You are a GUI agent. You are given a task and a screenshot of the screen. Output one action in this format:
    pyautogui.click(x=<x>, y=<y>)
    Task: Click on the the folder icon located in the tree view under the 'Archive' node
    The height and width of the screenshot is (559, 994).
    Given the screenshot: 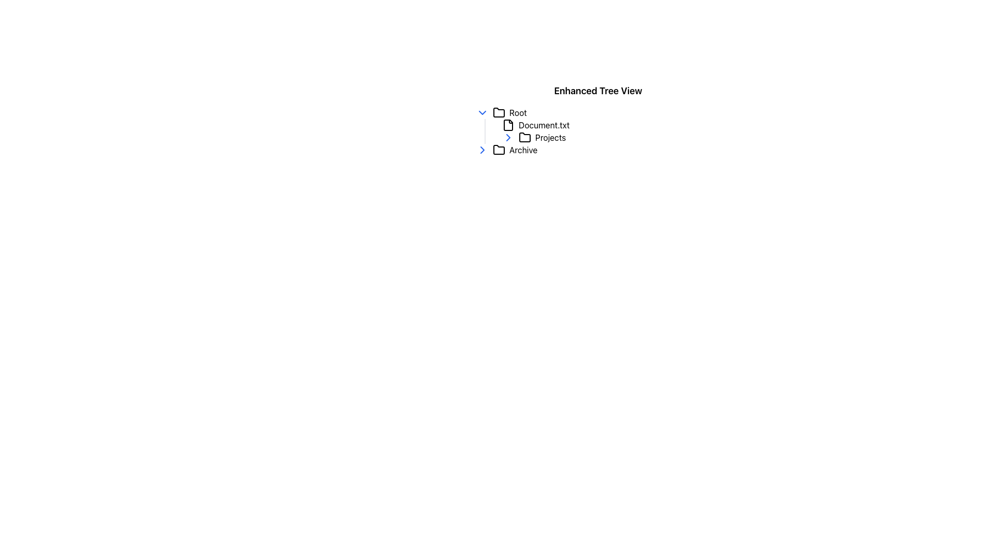 What is the action you would take?
    pyautogui.click(x=499, y=150)
    